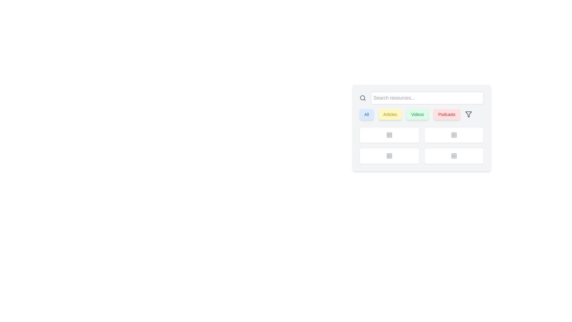 The image size is (572, 322). What do you see at coordinates (389, 135) in the screenshot?
I see `the top-left cell of the grid` at bounding box center [389, 135].